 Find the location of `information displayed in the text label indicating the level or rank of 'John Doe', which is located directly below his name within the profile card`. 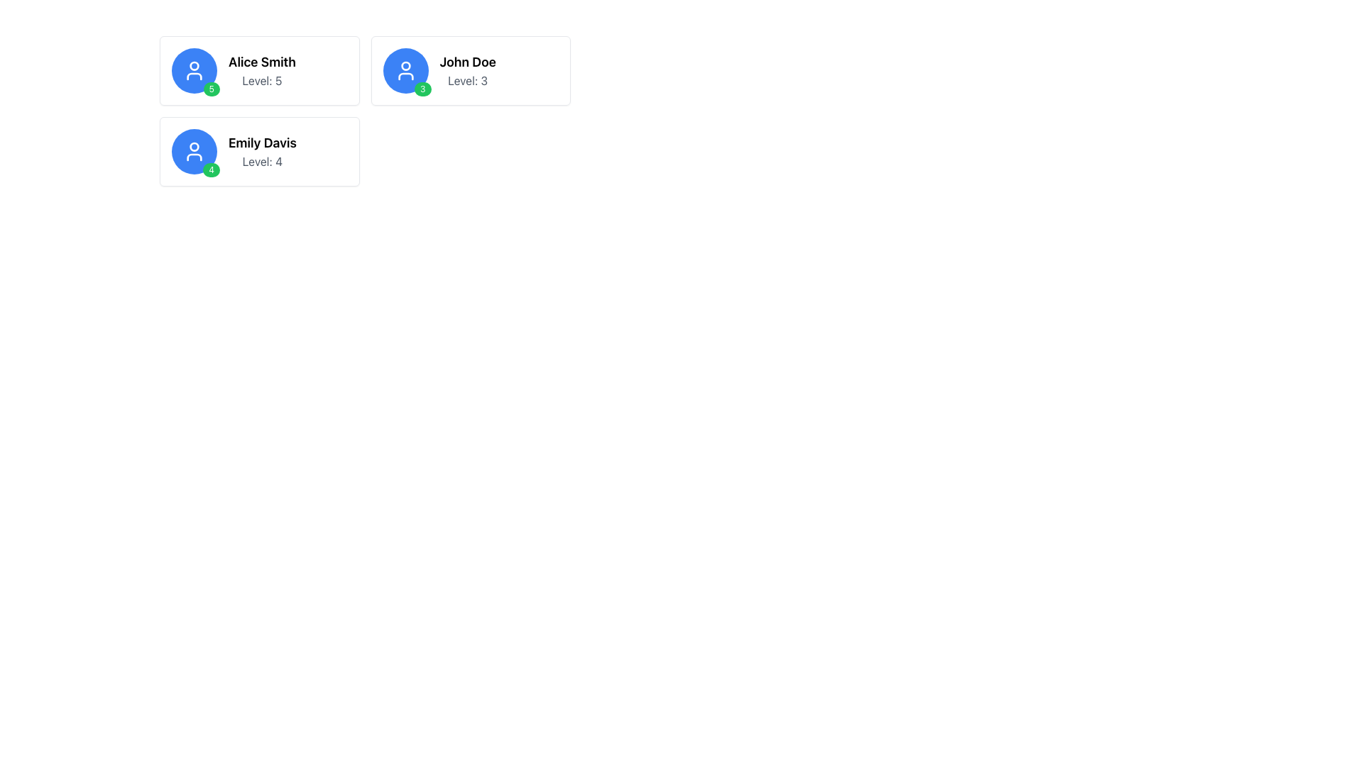

information displayed in the text label indicating the level or rank of 'John Doe', which is located directly below his name within the profile card is located at coordinates (468, 81).